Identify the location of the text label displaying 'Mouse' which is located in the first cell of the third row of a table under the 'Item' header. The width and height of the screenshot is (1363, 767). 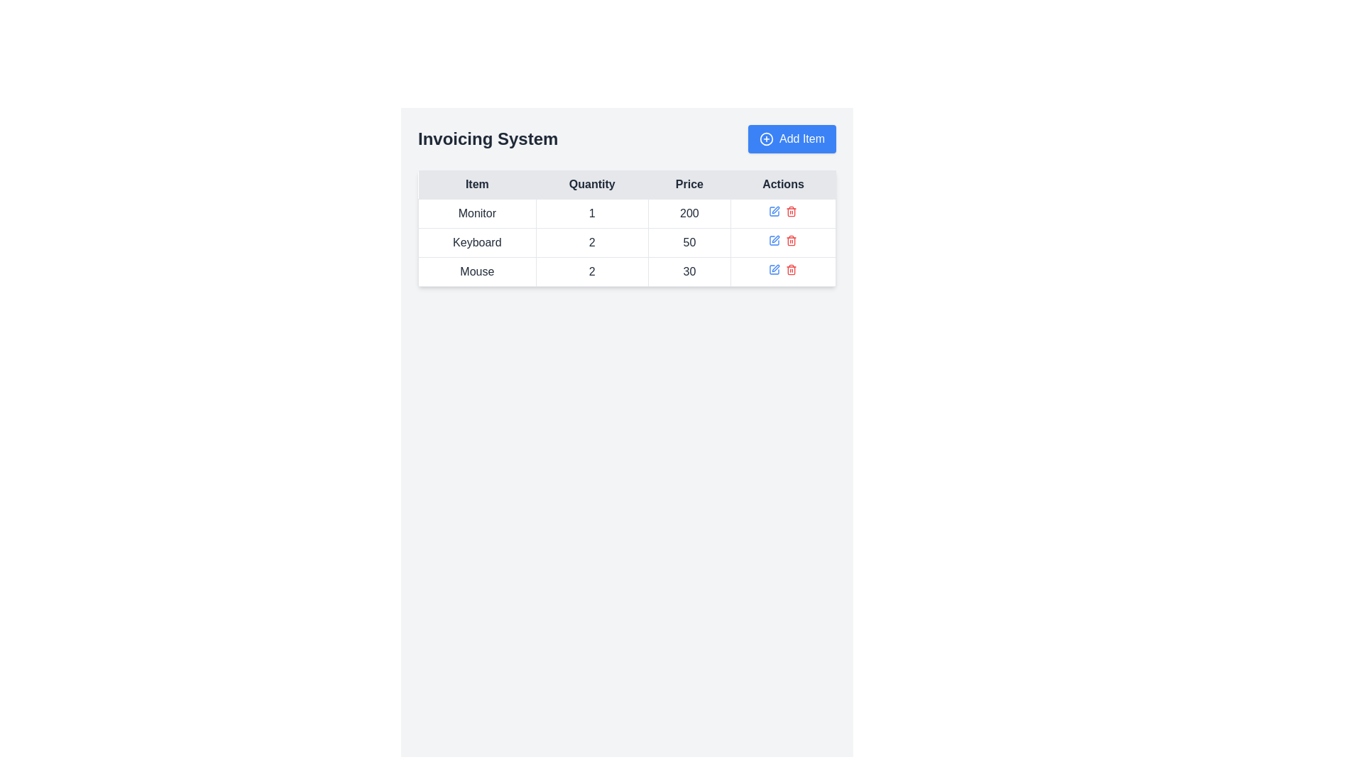
(477, 271).